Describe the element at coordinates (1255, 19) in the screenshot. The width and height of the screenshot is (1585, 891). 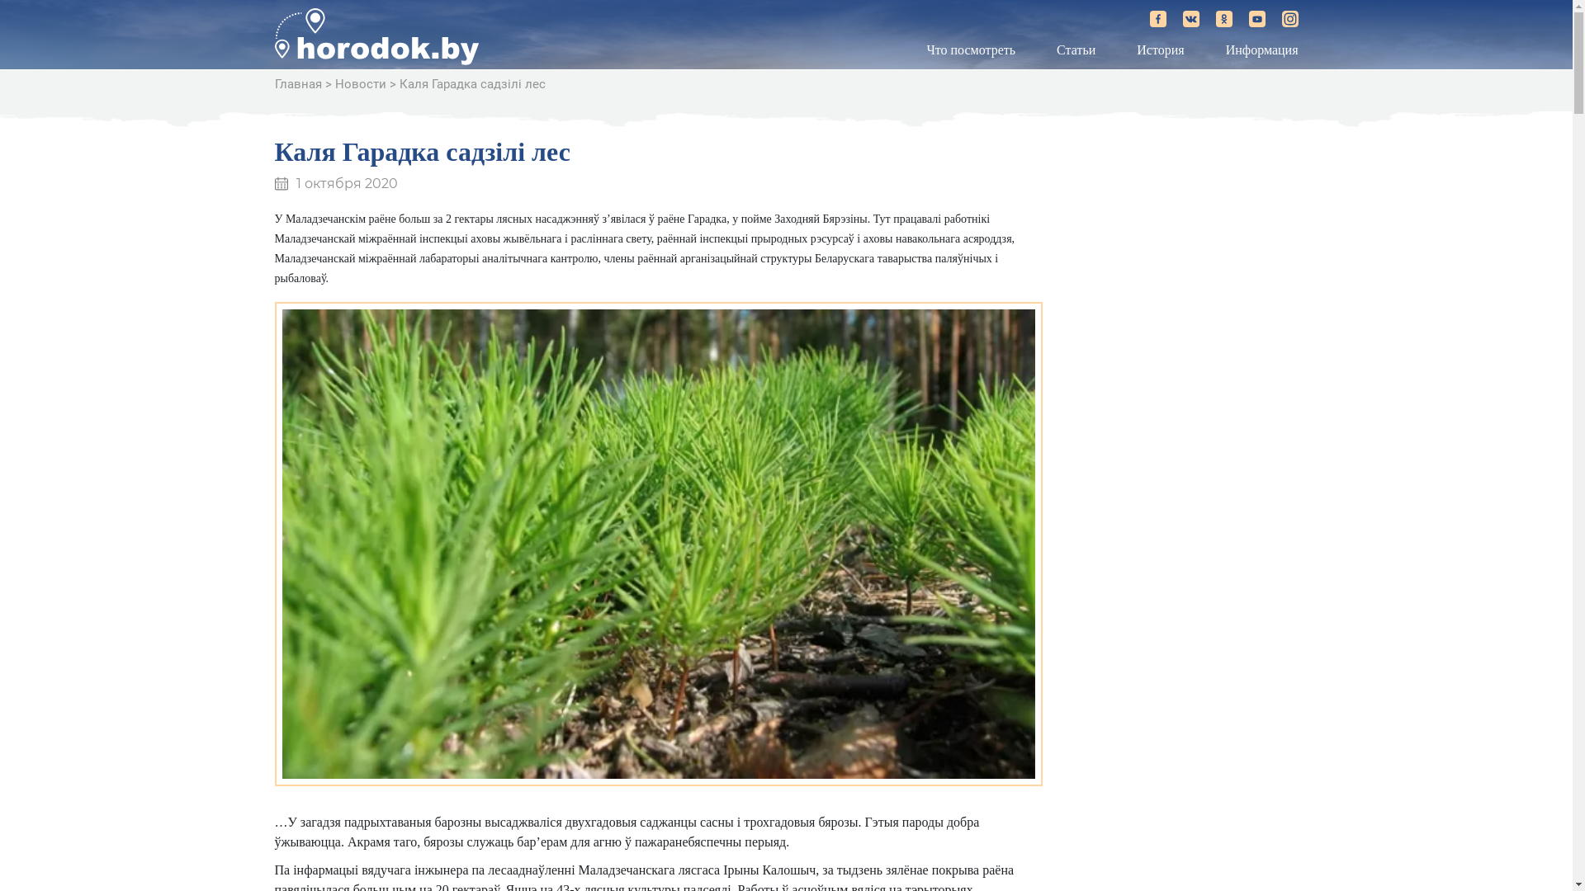
I see `'horodok.by on YouTube'` at that location.